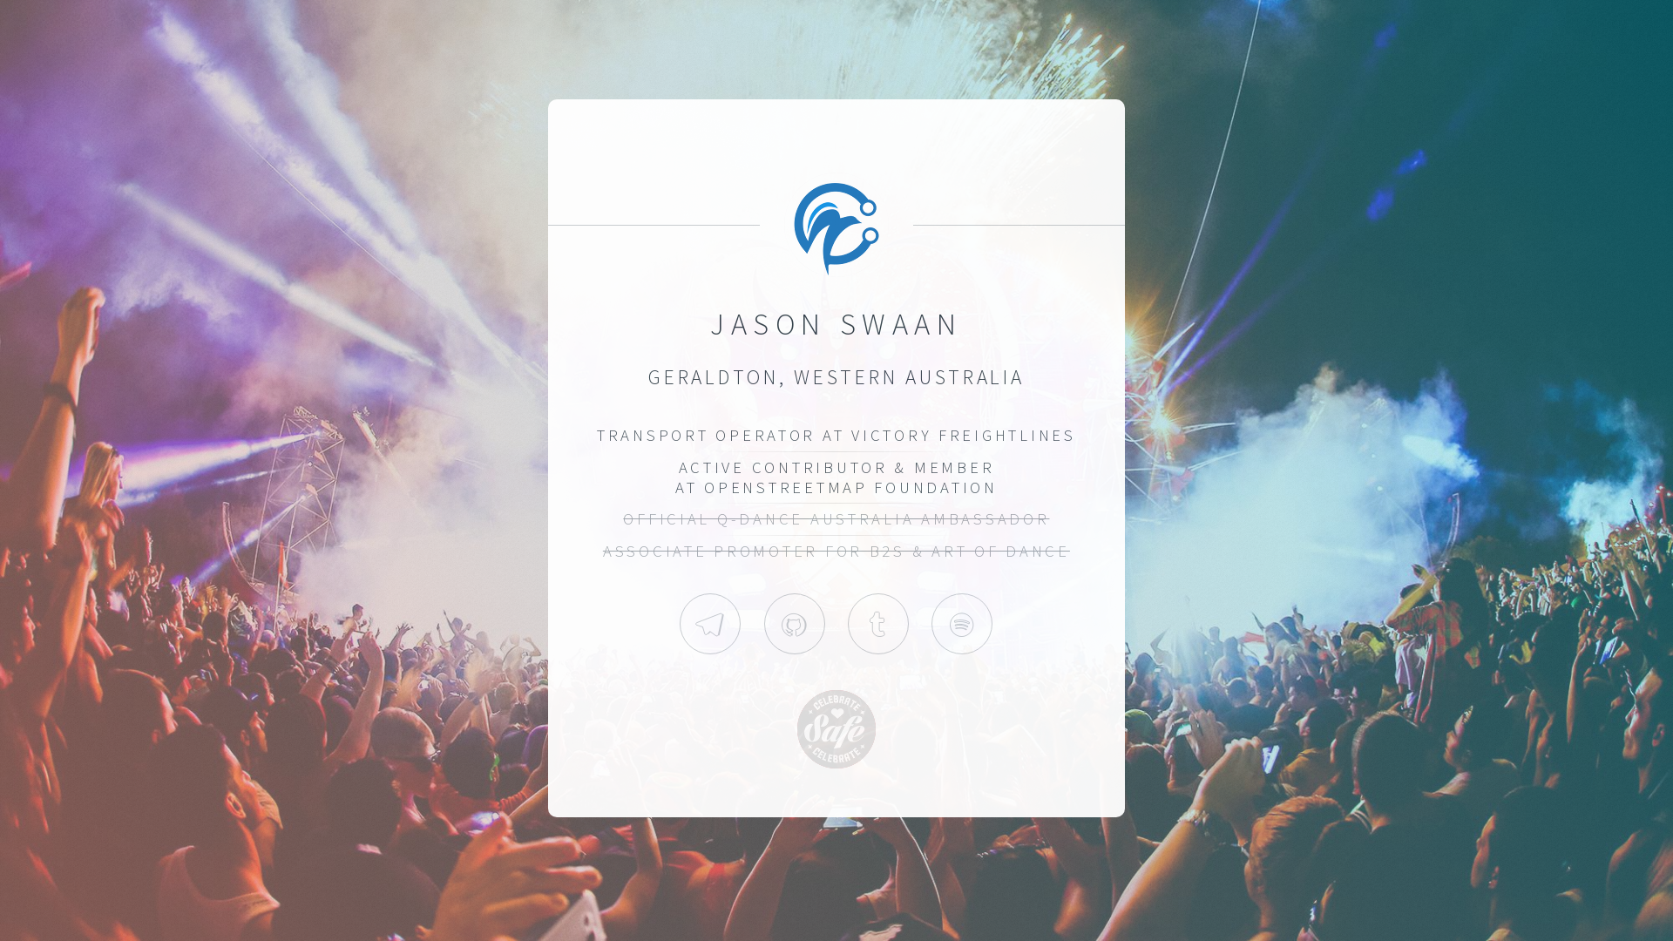 This screenshot has width=1673, height=941. Describe the element at coordinates (878, 623) in the screenshot. I see `'TUMBLR'` at that location.